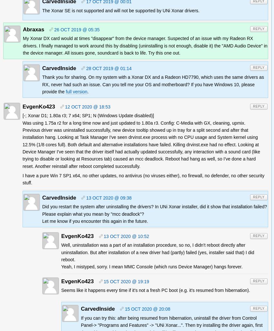 The height and width of the screenshot is (331, 274). Describe the element at coordinates (23, 179) in the screenshot. I see `'I have a pure Win 7 SP1 x64, no other updates, no antivirus (no viruses either), no firewall, no defender, no other security stuff.'` at that location.